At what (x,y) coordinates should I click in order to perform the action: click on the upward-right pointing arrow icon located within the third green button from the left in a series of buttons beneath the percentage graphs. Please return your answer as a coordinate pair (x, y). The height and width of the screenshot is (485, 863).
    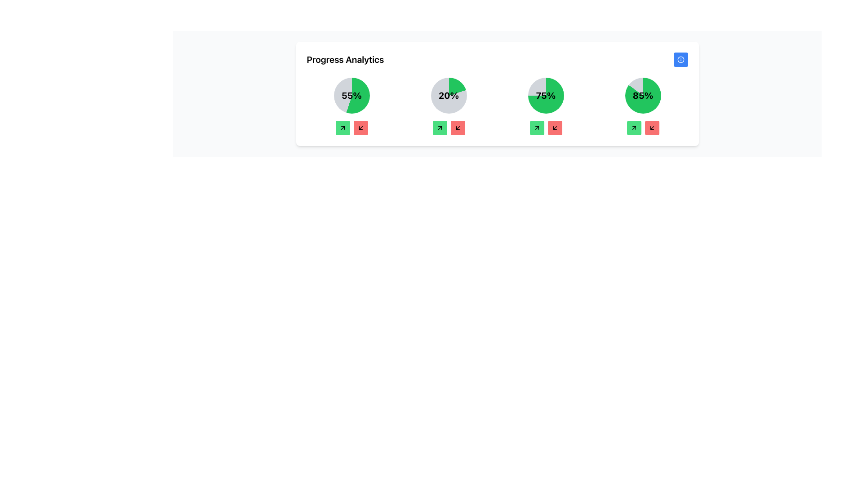
    Looking at the image, I should click on (537, 128).